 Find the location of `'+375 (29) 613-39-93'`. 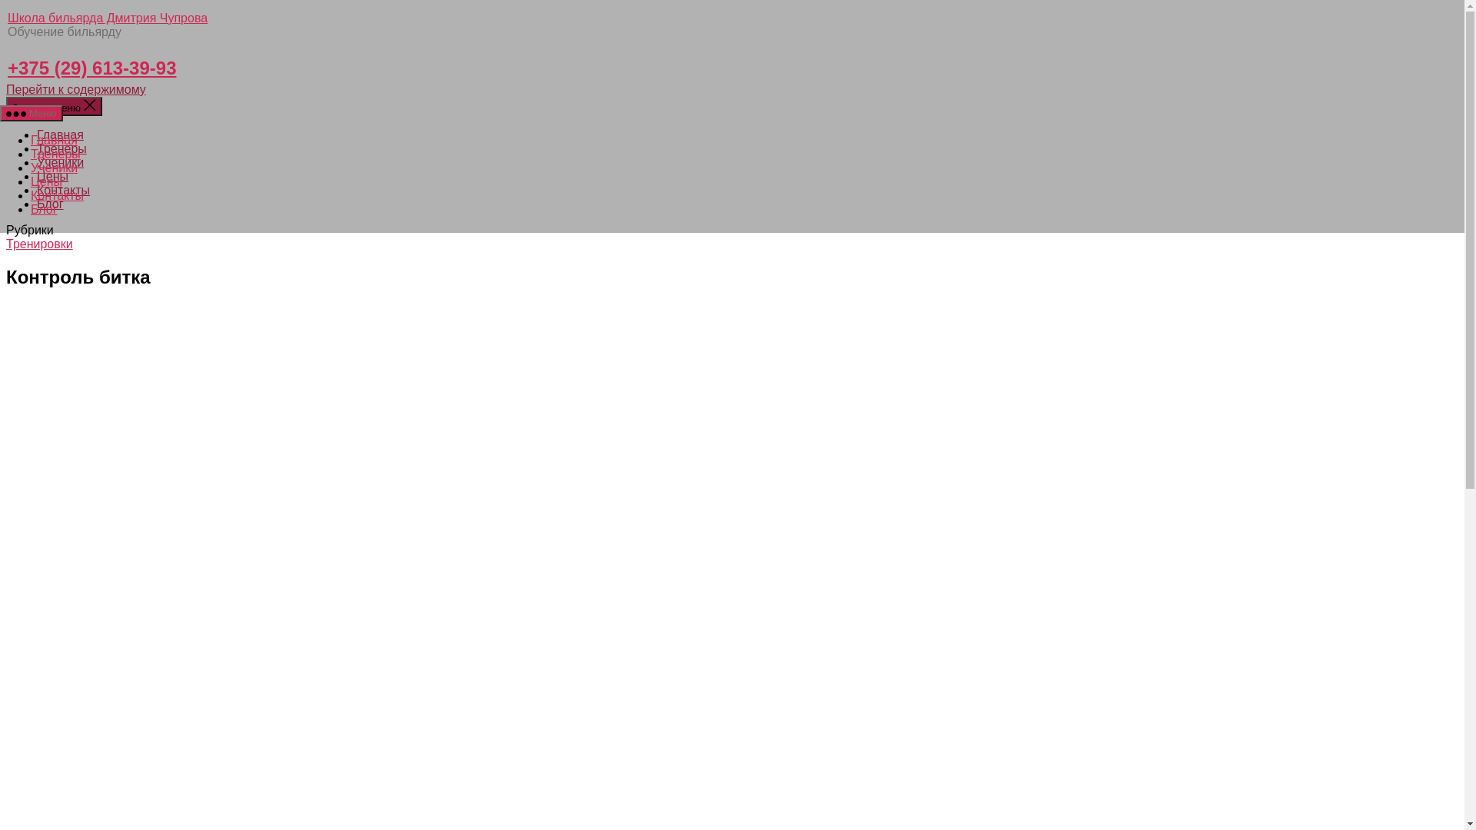

'+375 (29) 613-39-93' is located at coordinates (91, 67).